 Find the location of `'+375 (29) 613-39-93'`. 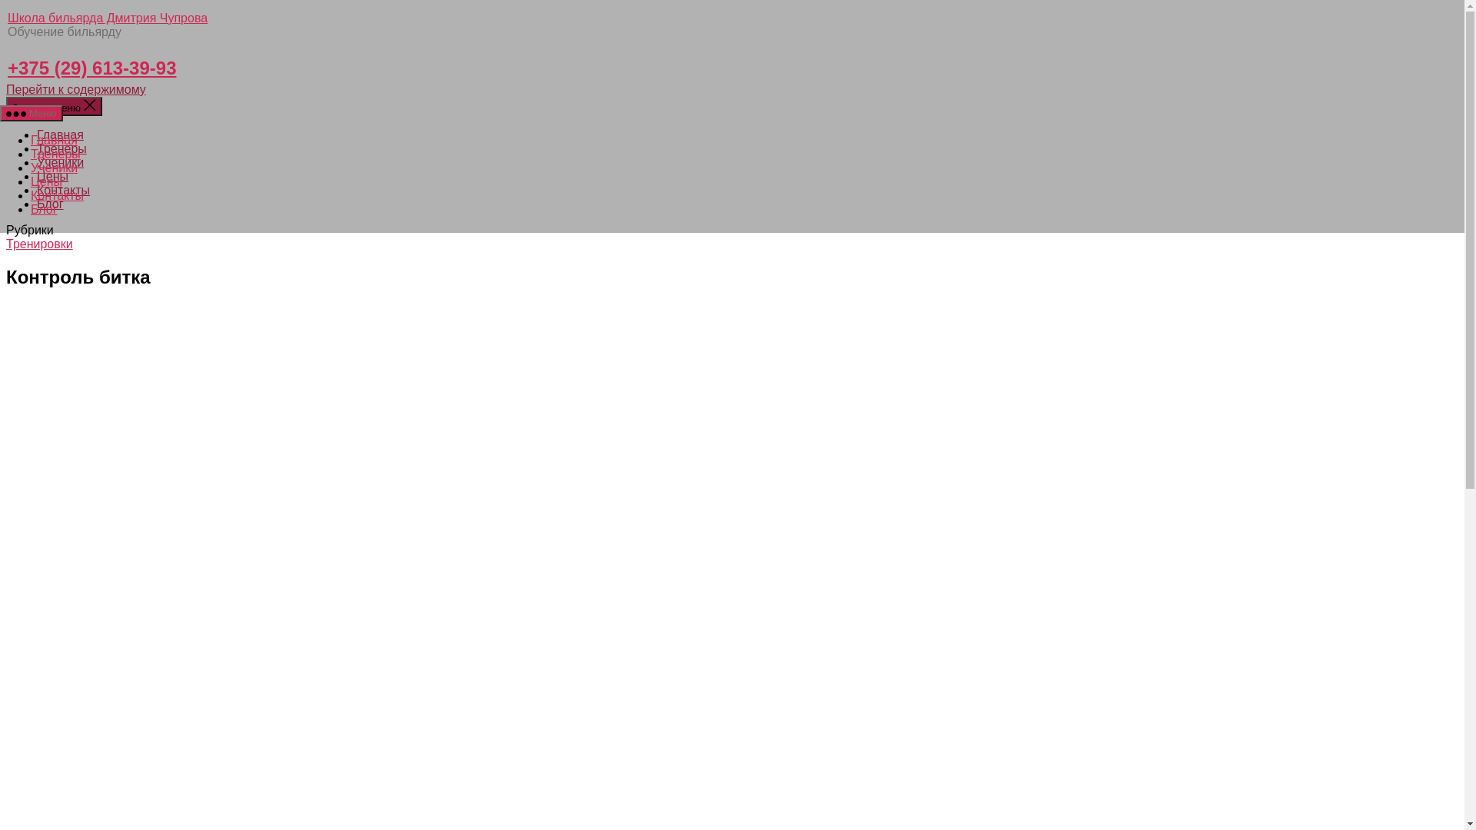

'+375 (29) 613-39-93' is located at coordinates (91, 67).